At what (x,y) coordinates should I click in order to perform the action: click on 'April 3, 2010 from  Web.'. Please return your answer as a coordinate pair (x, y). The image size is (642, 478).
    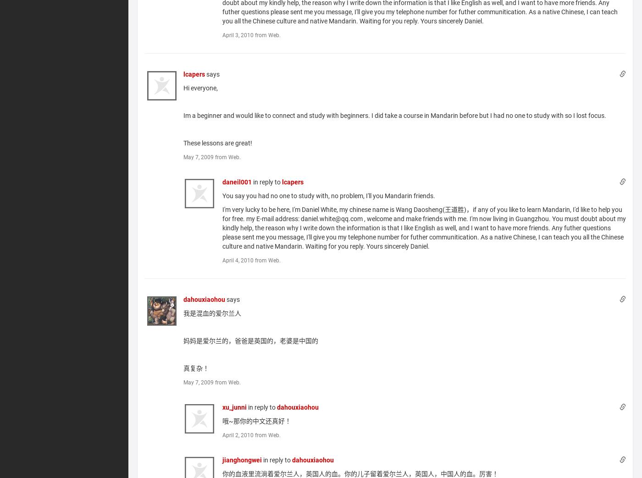
    Looking at the image, I should click on (251, 34).